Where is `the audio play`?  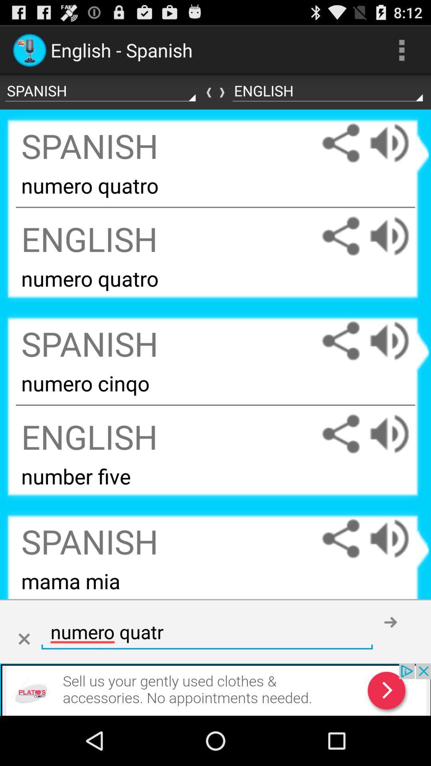 the audio play is located at coordinates (397, 341).